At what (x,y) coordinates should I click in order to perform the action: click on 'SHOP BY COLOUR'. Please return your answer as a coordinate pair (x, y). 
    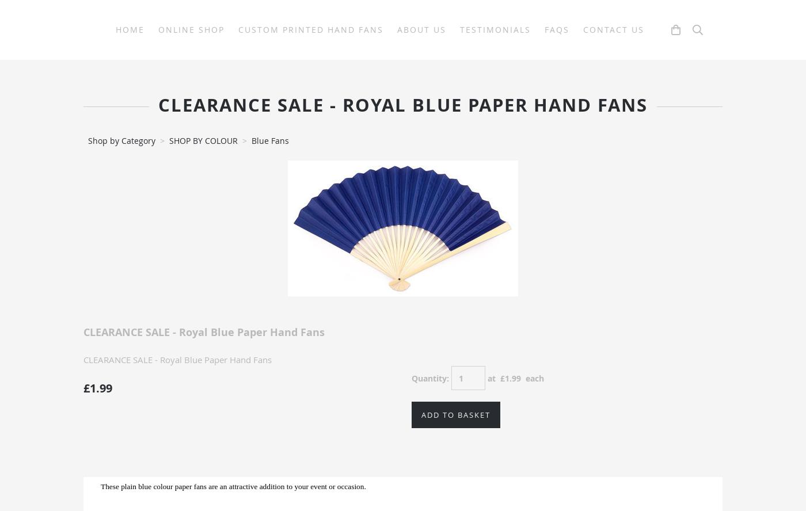
    Looking at the image, I should click on (203, 140).